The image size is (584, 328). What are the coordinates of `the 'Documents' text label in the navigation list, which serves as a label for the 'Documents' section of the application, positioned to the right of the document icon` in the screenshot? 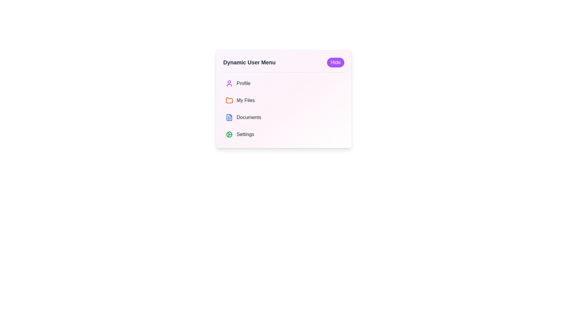 It's located at (249, 117).